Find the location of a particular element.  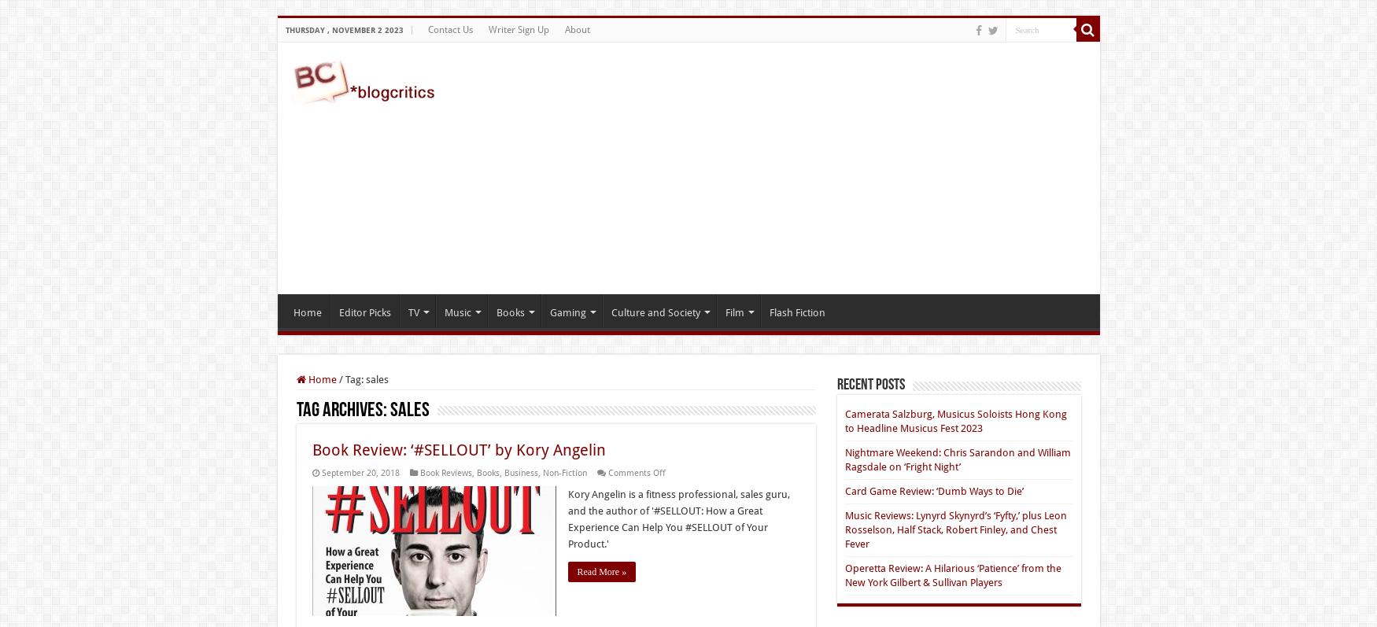

'Tag Archives:' is located at coordinates (341, 411).